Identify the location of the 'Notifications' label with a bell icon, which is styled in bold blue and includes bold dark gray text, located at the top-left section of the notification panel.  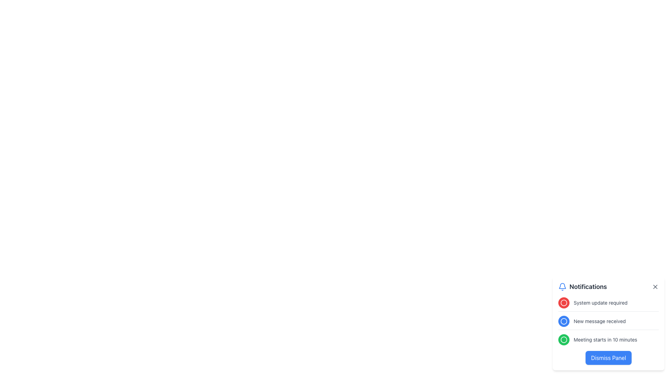
(582, 287).